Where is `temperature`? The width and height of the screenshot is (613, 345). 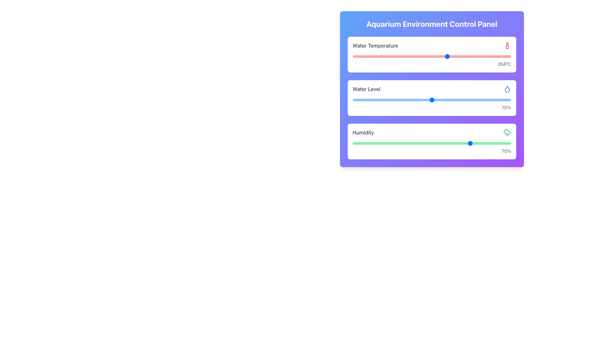
temperature is located at coordinates (416, 56).